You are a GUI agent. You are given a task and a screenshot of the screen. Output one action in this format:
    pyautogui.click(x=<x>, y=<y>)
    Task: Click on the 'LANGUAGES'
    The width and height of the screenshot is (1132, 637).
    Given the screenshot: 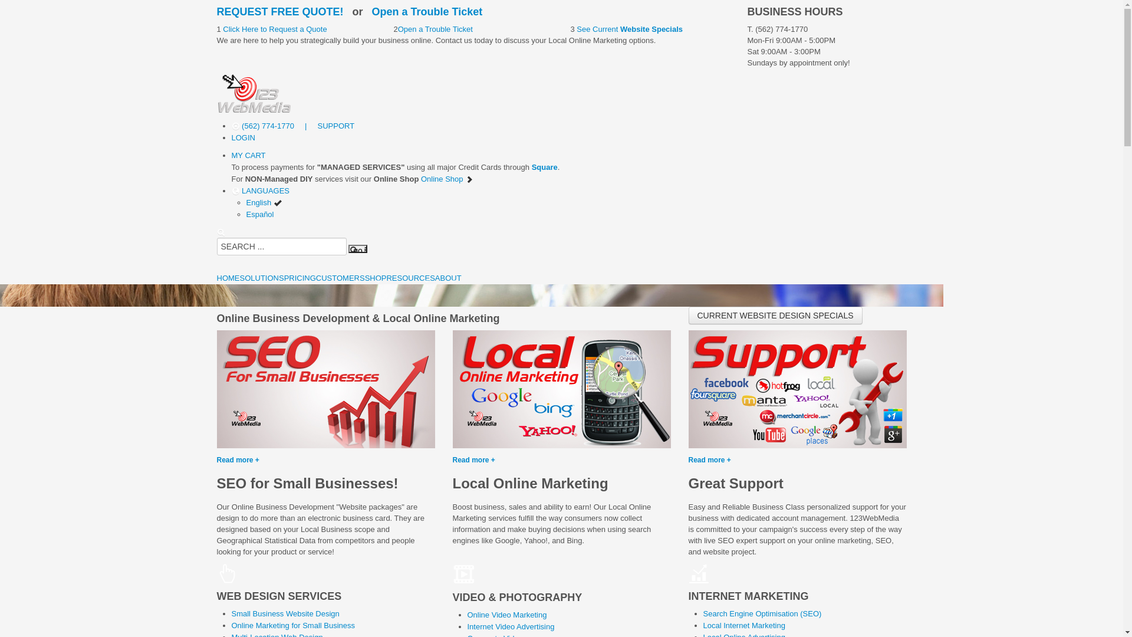 What is the action you would take?
    pyautogui.click(x=259, y=190)
    